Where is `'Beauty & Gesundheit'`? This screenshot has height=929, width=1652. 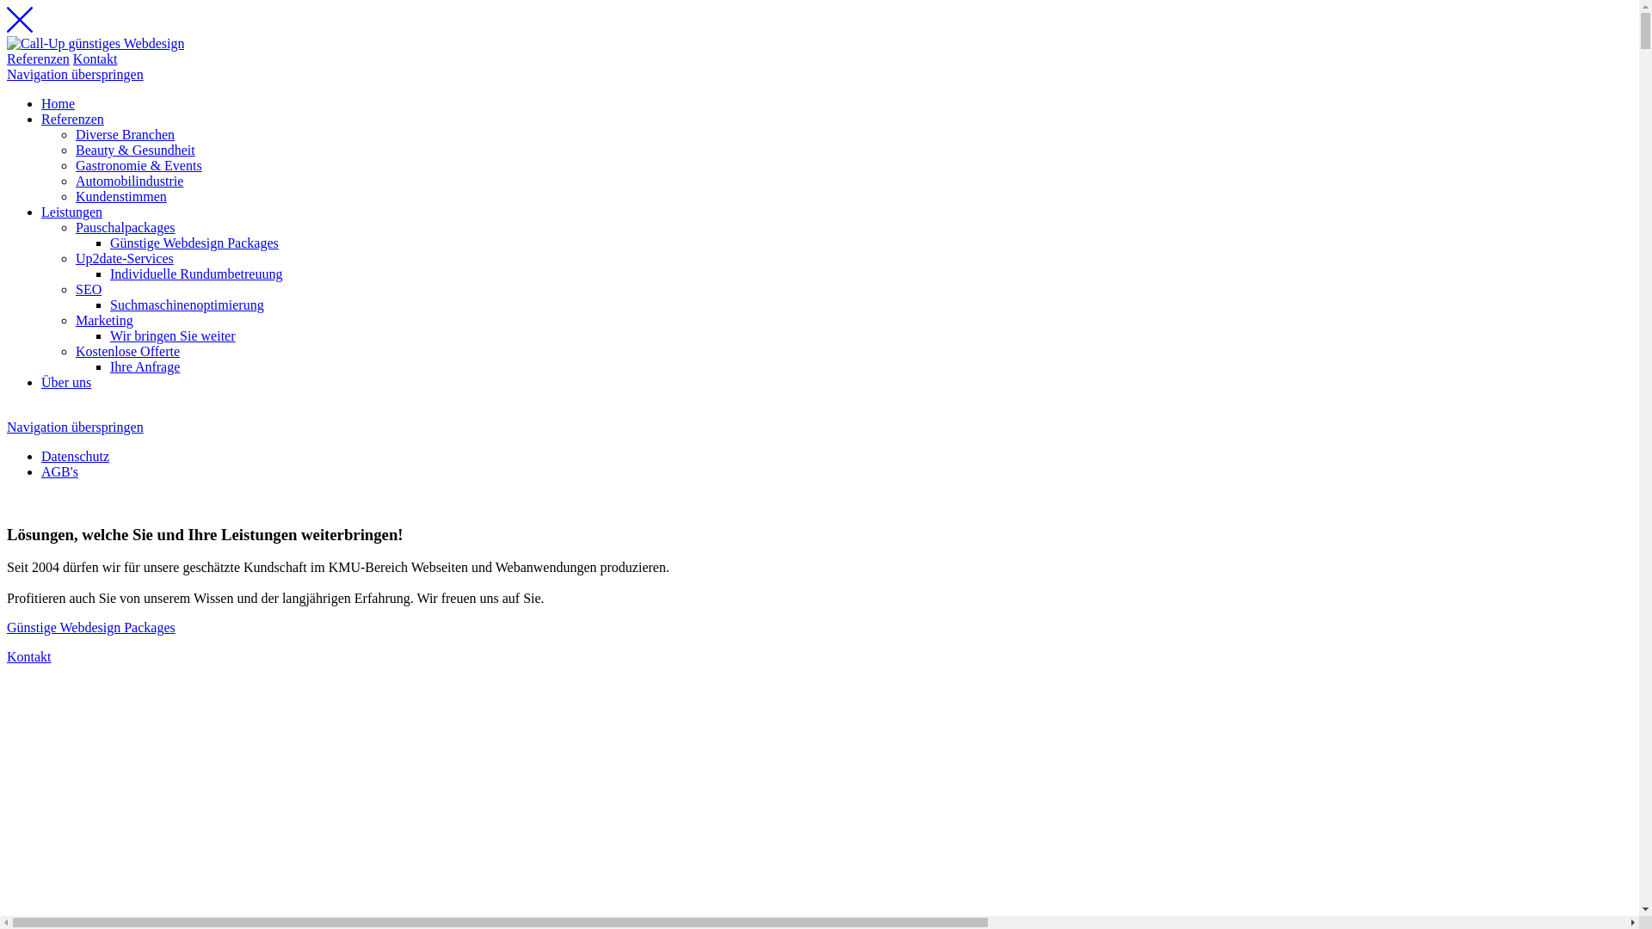
'Beauty & Gesundheit' is located at coordinates (134, 149).